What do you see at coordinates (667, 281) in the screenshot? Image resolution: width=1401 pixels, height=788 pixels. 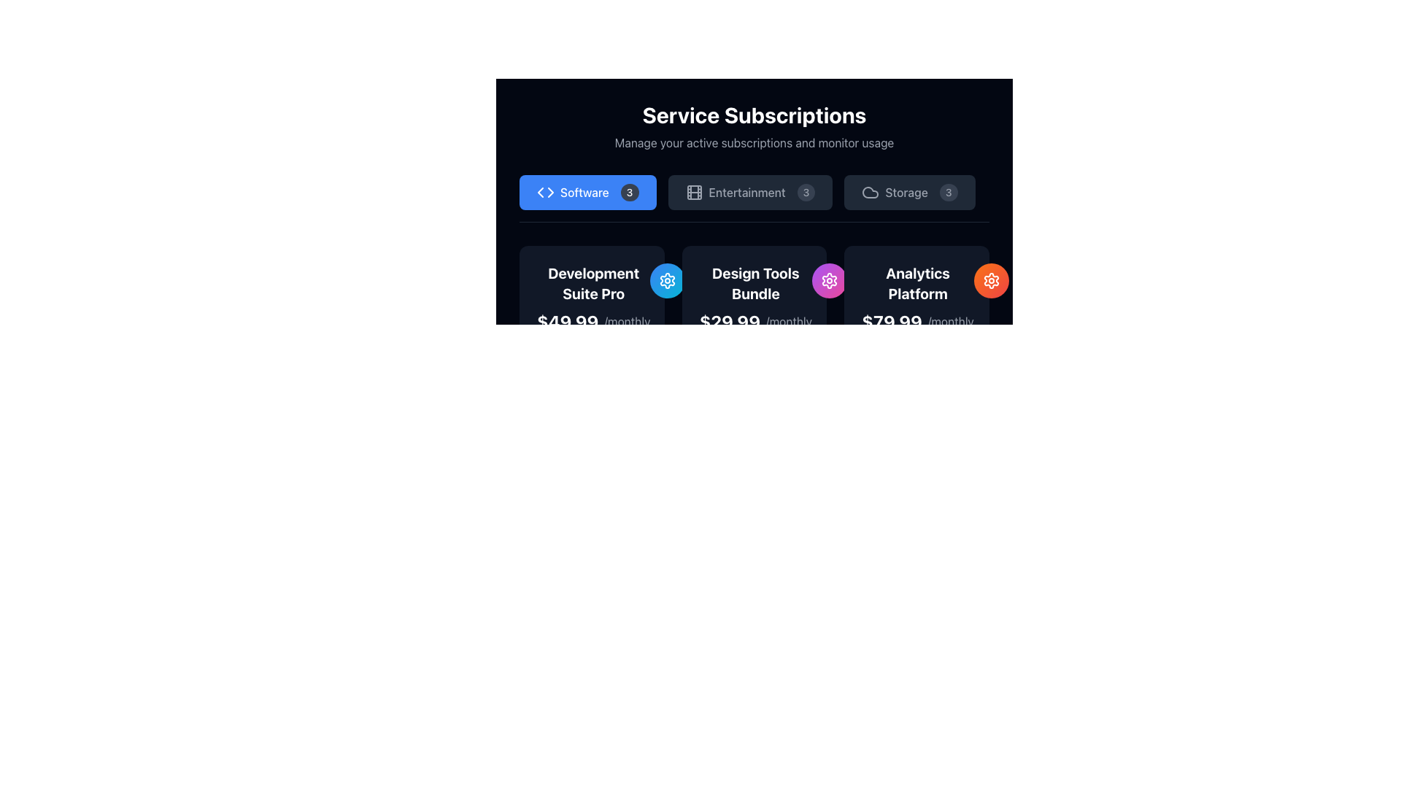 I see `the circular icon button with a gradient background and a white gear icon, located directly above the text 'Development Suite Pro' and to the right of other subscription options` at bounding box center [667, 281].